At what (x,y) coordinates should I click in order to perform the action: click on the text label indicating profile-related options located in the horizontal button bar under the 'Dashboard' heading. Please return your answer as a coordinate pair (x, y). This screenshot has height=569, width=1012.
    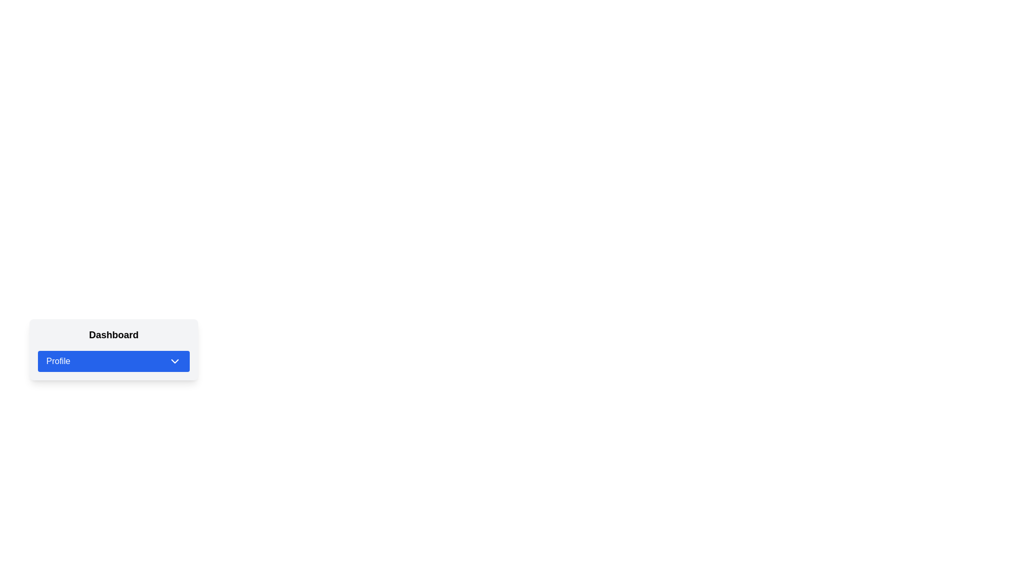
    Looking at the image, I should click on (57, 361).